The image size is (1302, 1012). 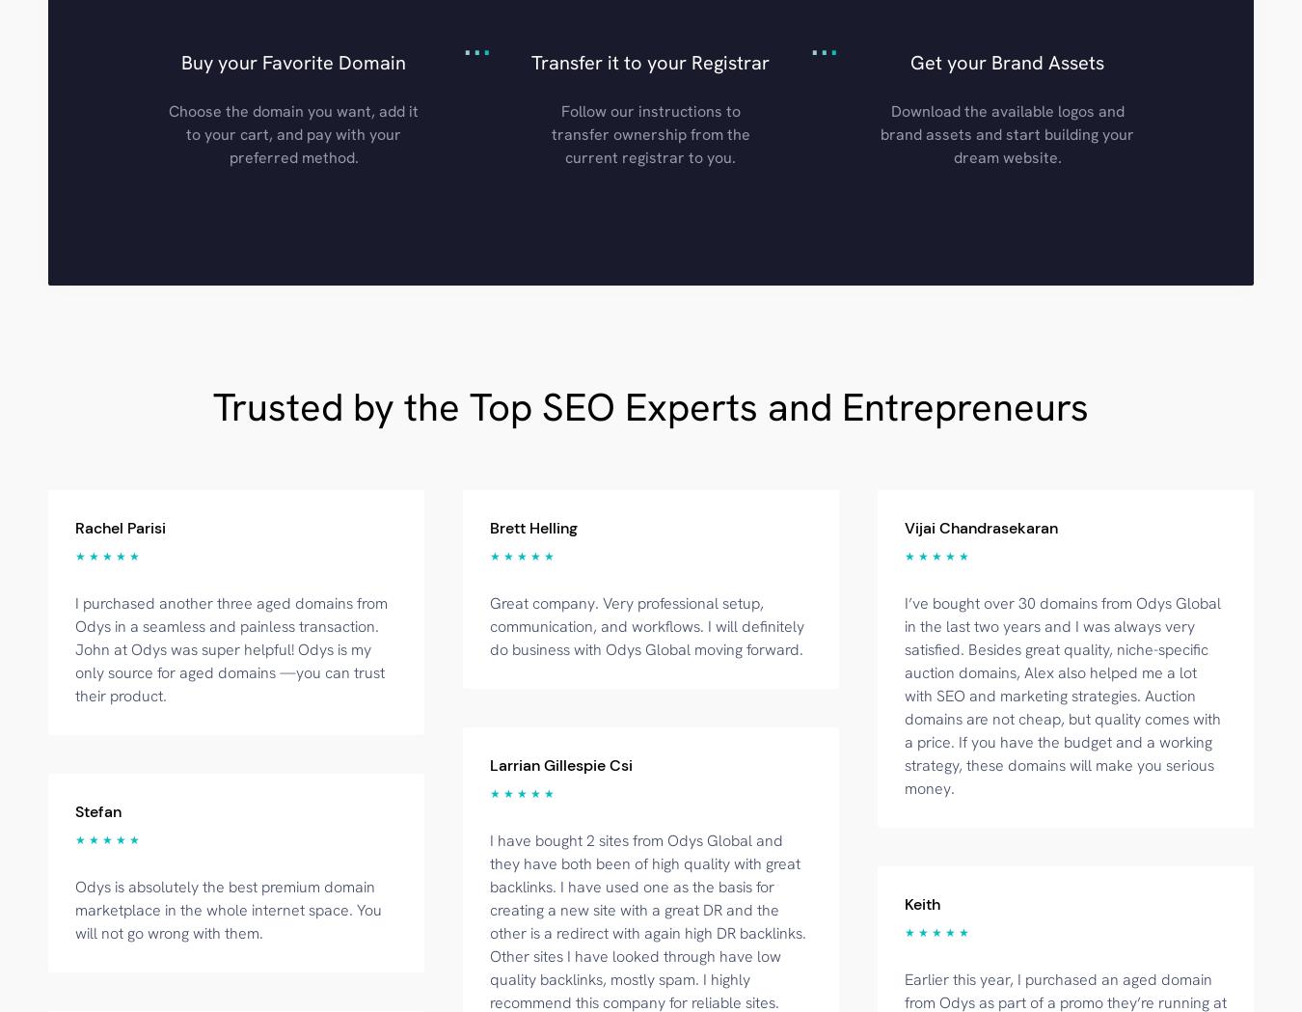 I want to click on 'Trusted by the Top SEO Experts and Entrepreneurs', so click(x=651, y=404).